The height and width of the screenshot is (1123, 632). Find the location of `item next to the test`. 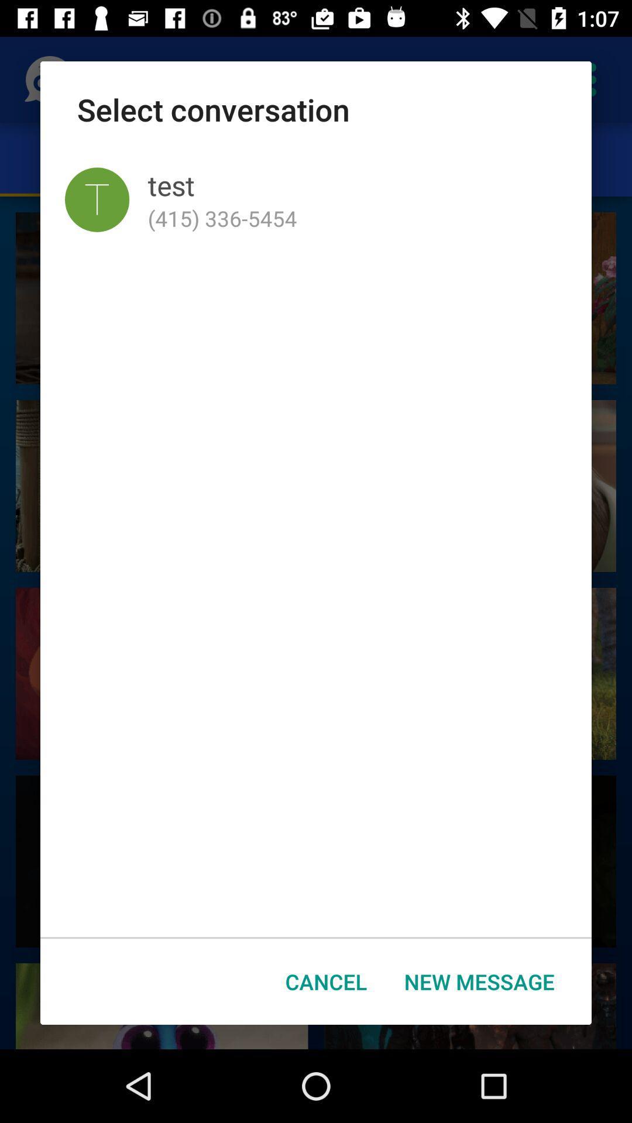

item next to the test is located at coordinates (97, 199).